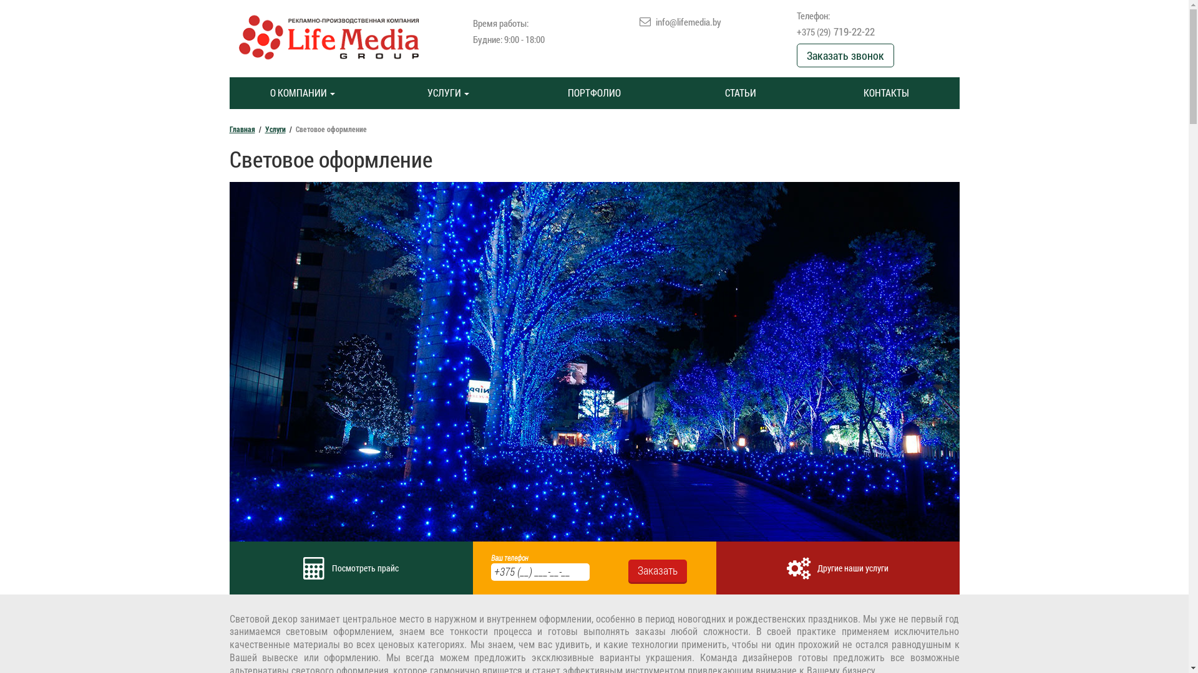 The height and width of the screenshot is (673, 1198). What do you see at coordinates (688, 21) in the screenshot?
I see `'info@lifemedia.by'` at bounding box center [688, 21].